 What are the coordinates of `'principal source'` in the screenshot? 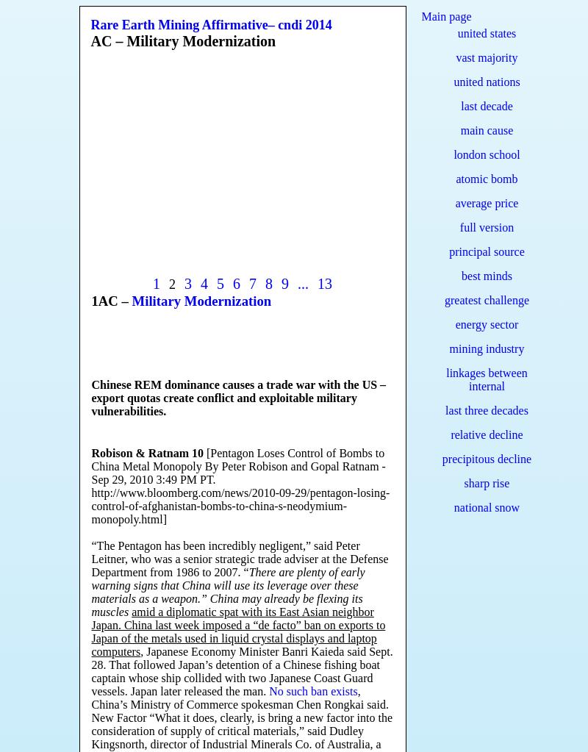 It's located at (486, 251).